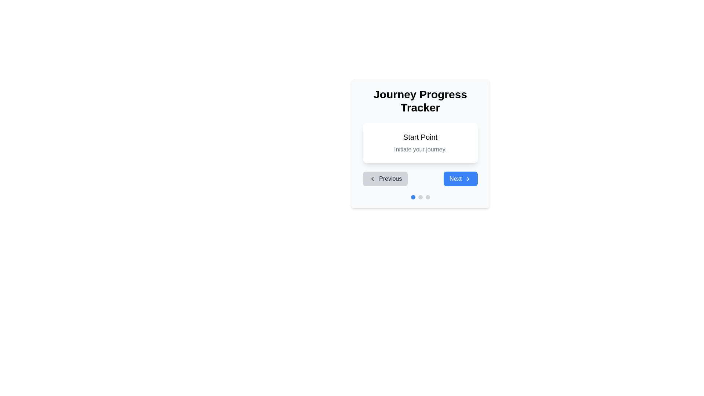 This screenshot has width=704, height=396. I want to click on the 'Start Point' text in the Interactive progress tracker interface, so click(420, 144).